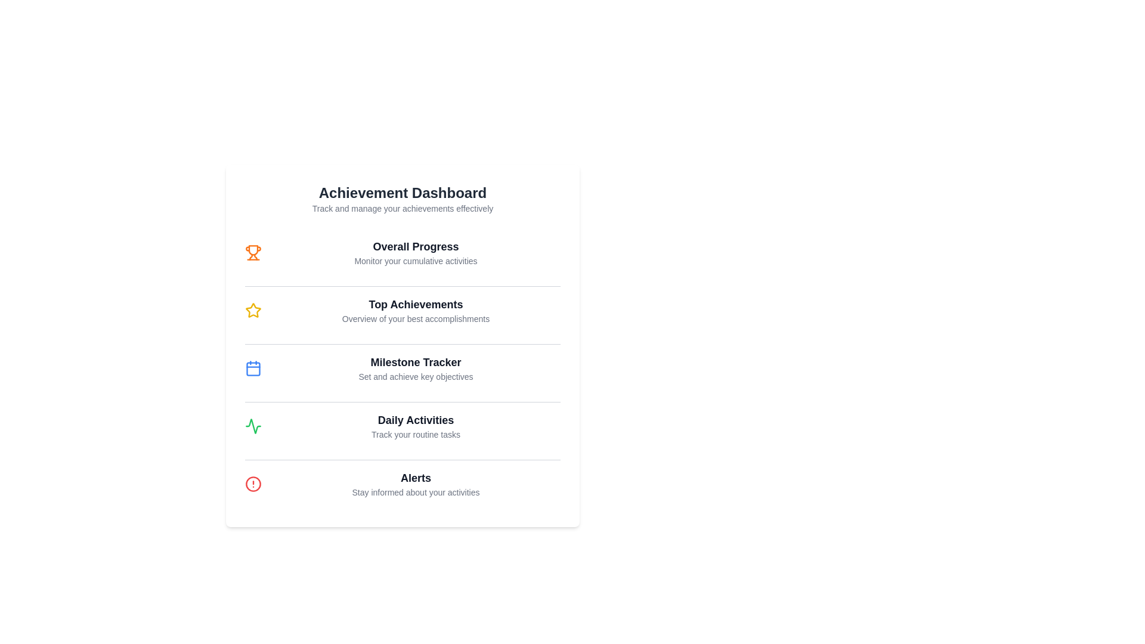 This screenshot has width=1145, height=644. What do you see at coordinates (416, 261) in the screenshot?
I see `the informative label that provides supplementary information about the 'Overall Progress' heading, which is located beneath the bold heading in the 'Achievement Dashboard' section` at bounding box center [416, 261].